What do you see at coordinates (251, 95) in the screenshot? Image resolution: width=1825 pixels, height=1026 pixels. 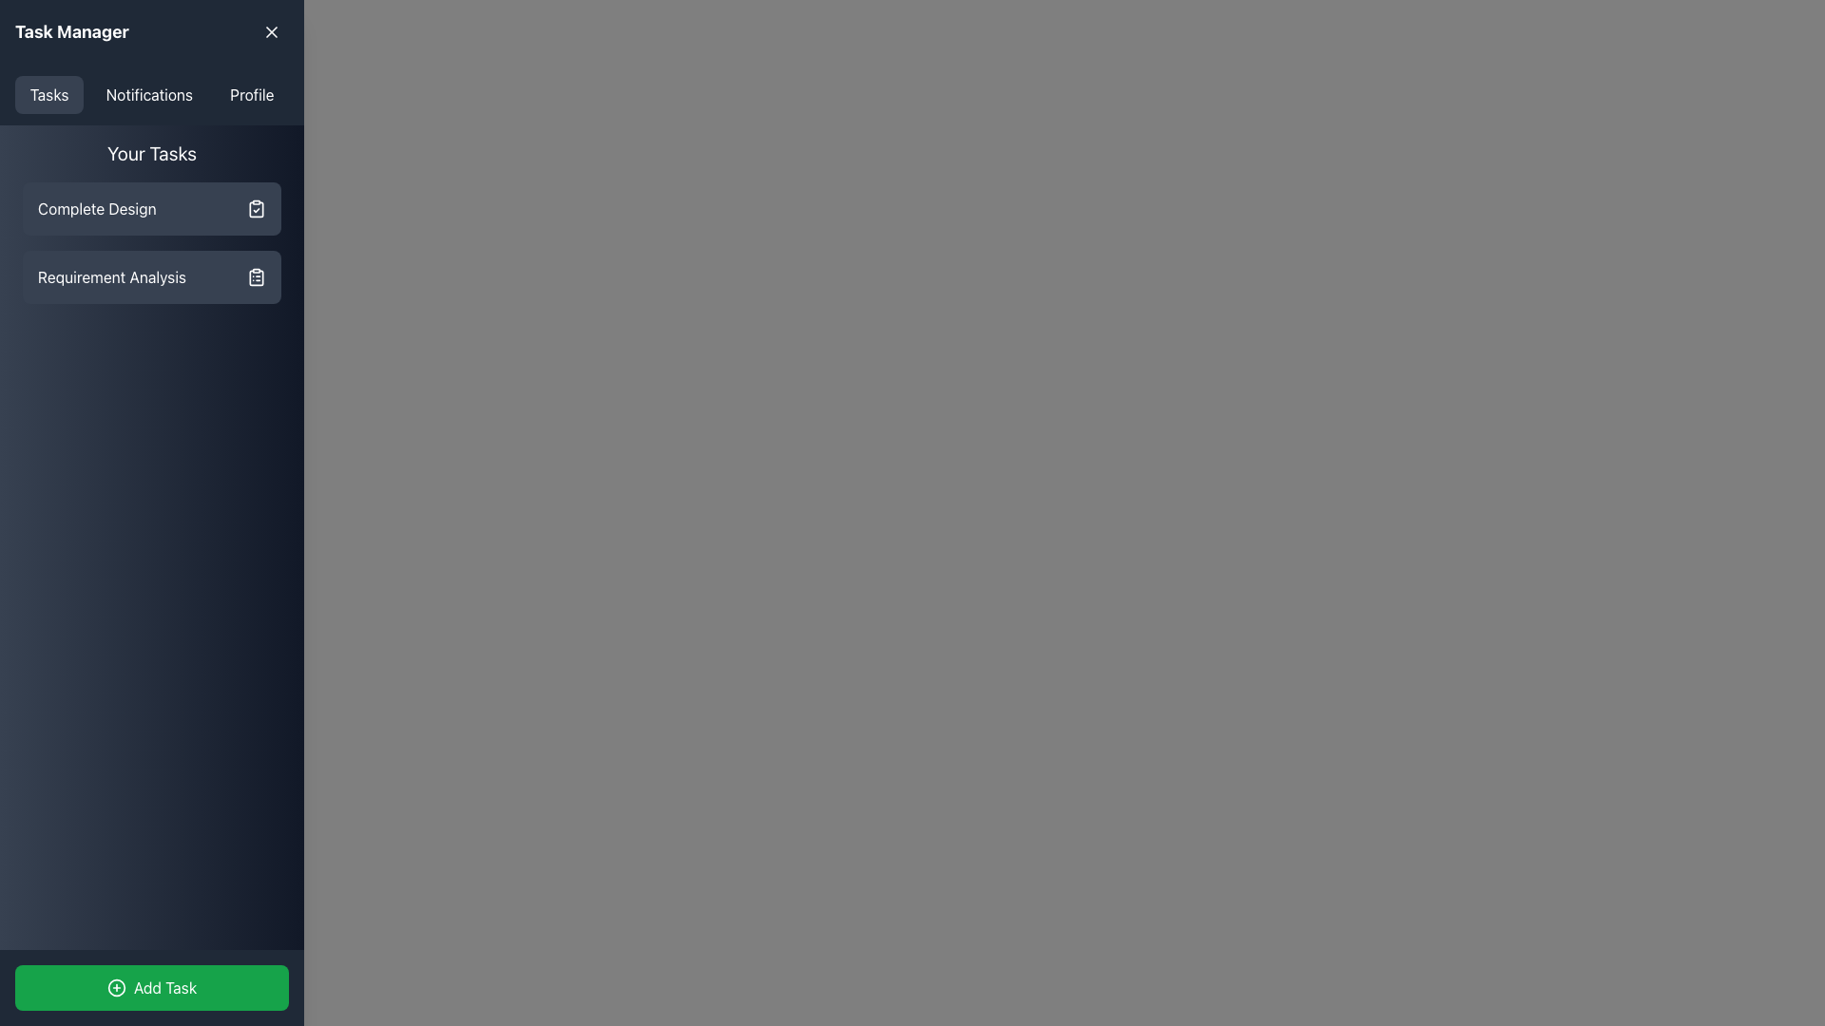 I see `the 'Profile' button, which is the third button in a horizontal group located below the 'Task Manager' title` at bounding box center [251, 95].